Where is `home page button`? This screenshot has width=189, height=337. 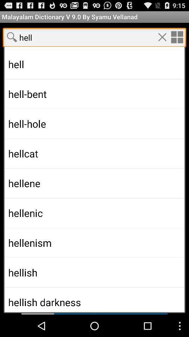
home page button is located at coordinates (176, 37).